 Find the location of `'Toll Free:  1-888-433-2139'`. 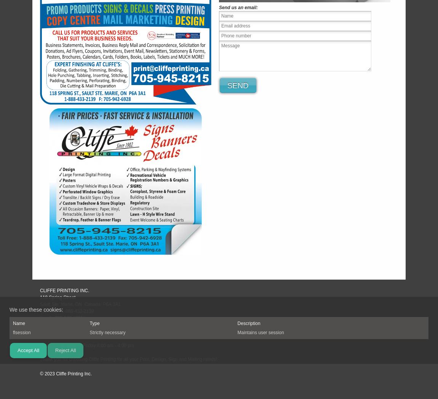

'Toll Free:  1-888-433-2139' is located at coordinates (66, 311).